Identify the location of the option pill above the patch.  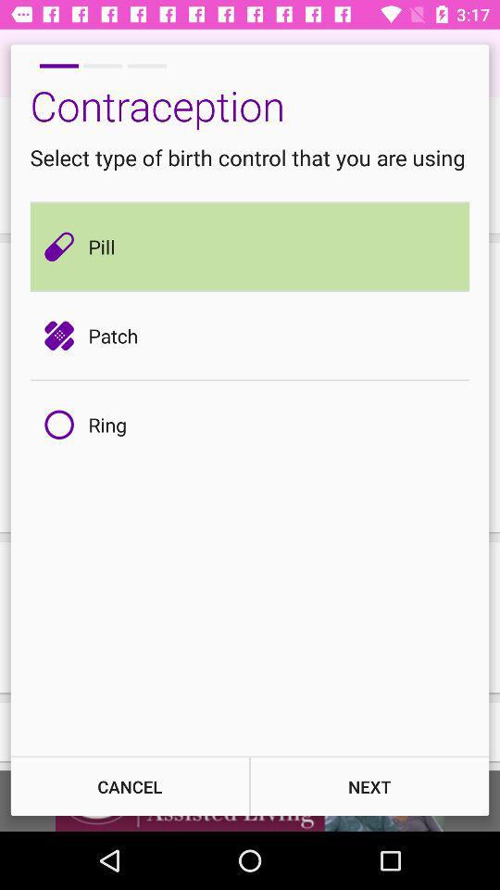
(63, 246).